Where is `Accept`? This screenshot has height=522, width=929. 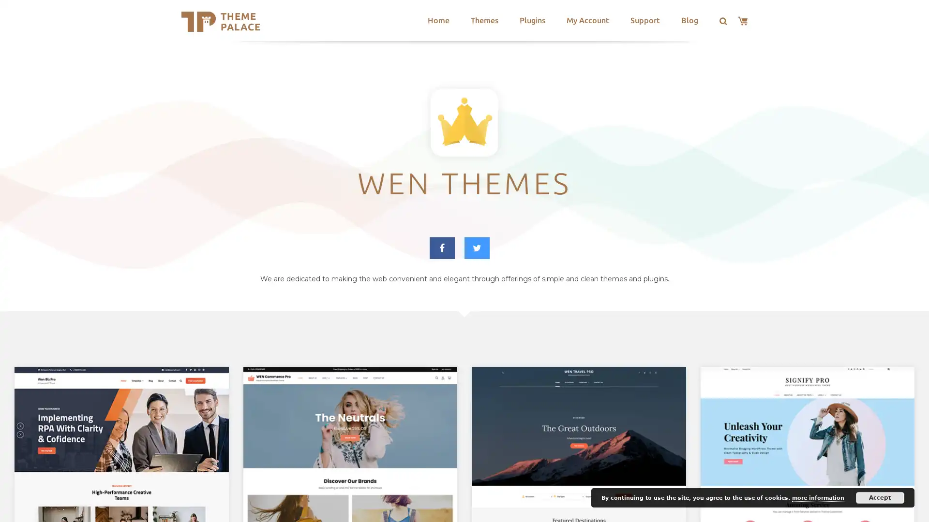 Accept is located at coordinates (880, 497).